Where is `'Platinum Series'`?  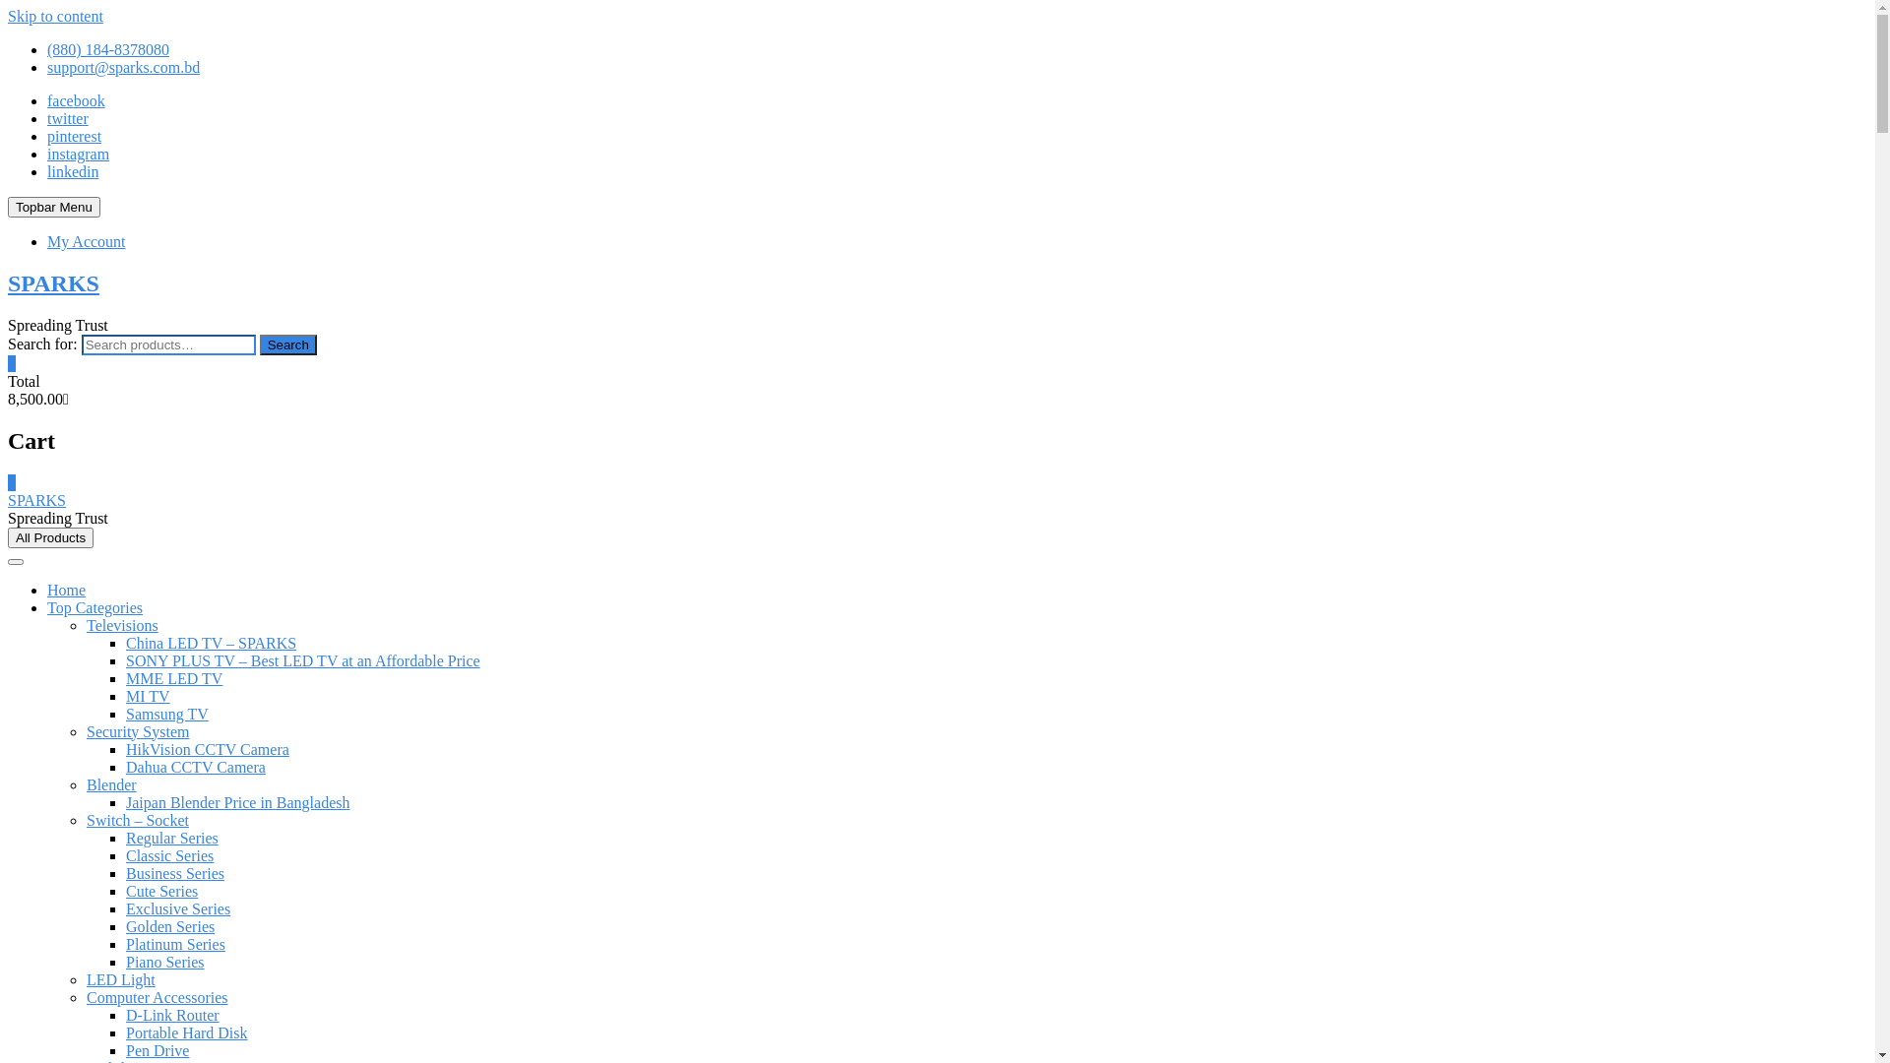 'Platinum Series' is located at coordinates (125, 943).